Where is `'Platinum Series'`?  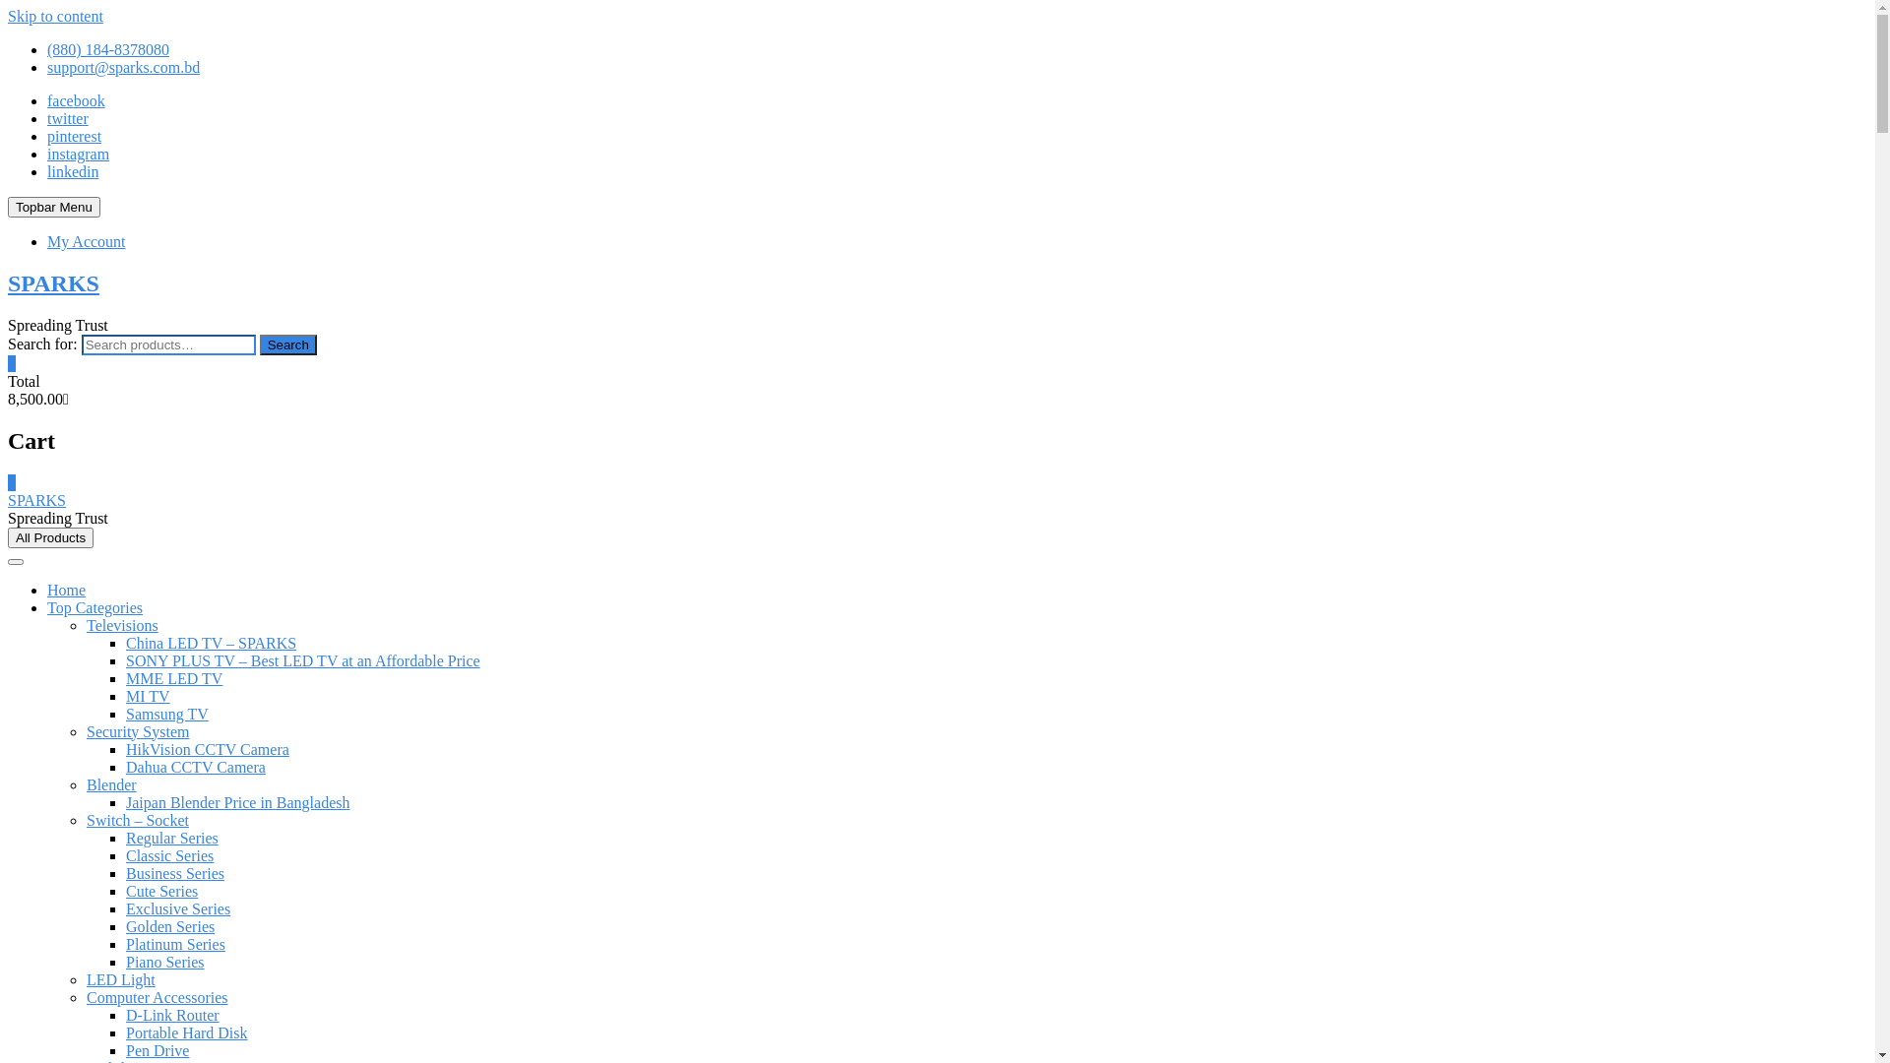 'Platinum Series' is located at coordinates (125, 943).